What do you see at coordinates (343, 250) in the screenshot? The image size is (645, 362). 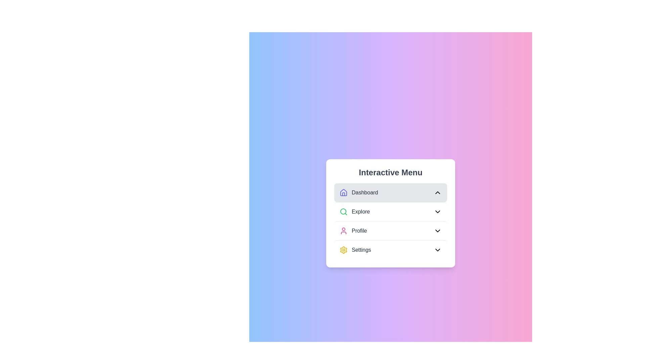 I see `the icon of the menu item Settings for inspection` at bounding box center [343, 250].